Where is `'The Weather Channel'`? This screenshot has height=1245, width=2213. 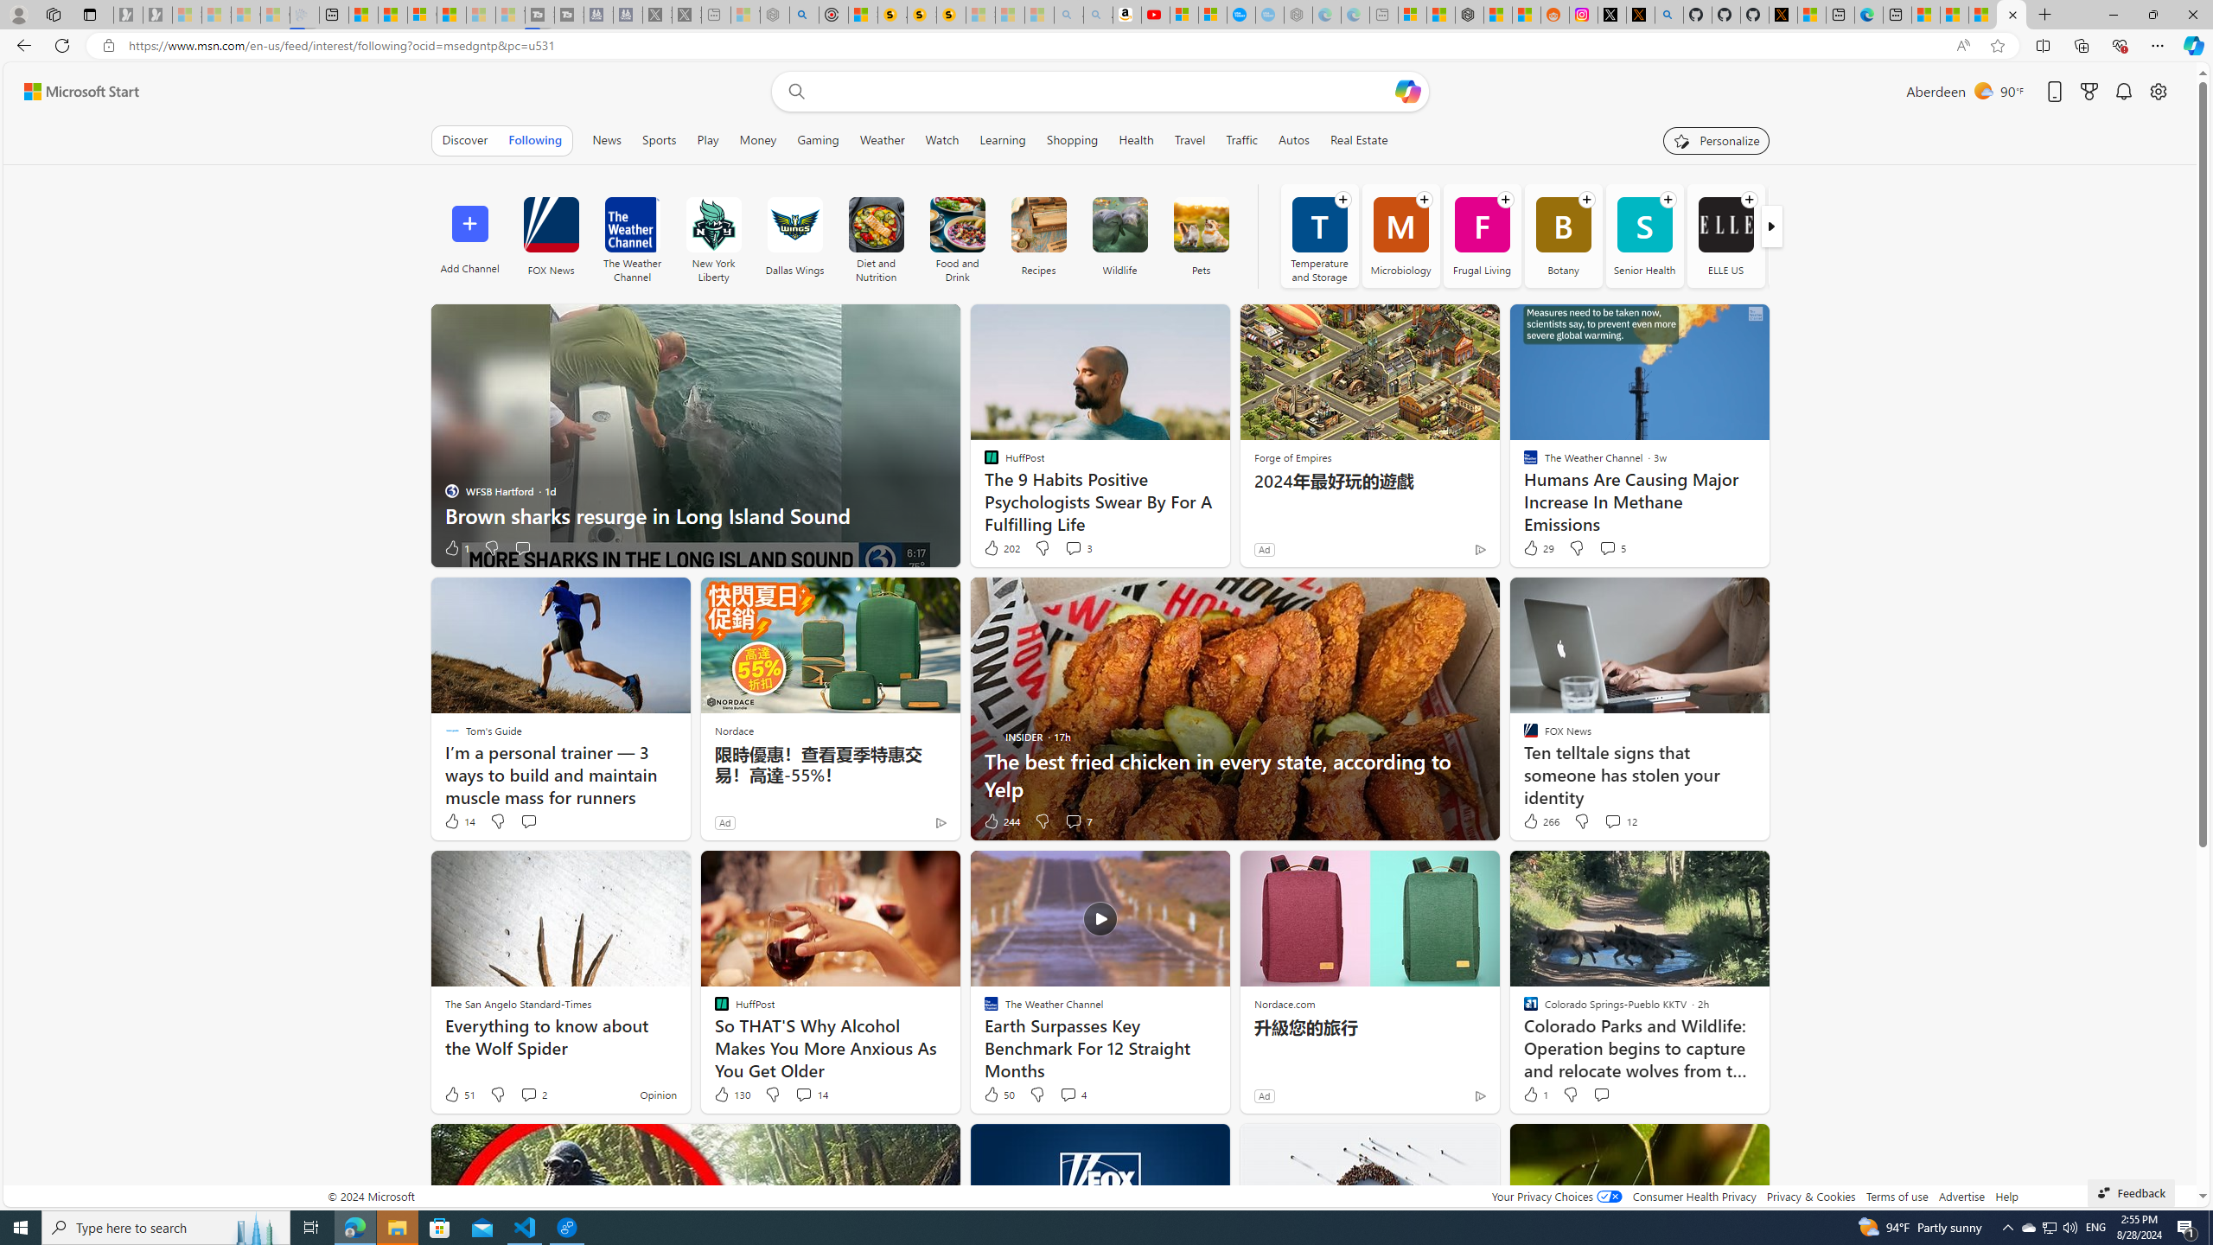 'The Weather Channel' is located at coordinates (632, 234).